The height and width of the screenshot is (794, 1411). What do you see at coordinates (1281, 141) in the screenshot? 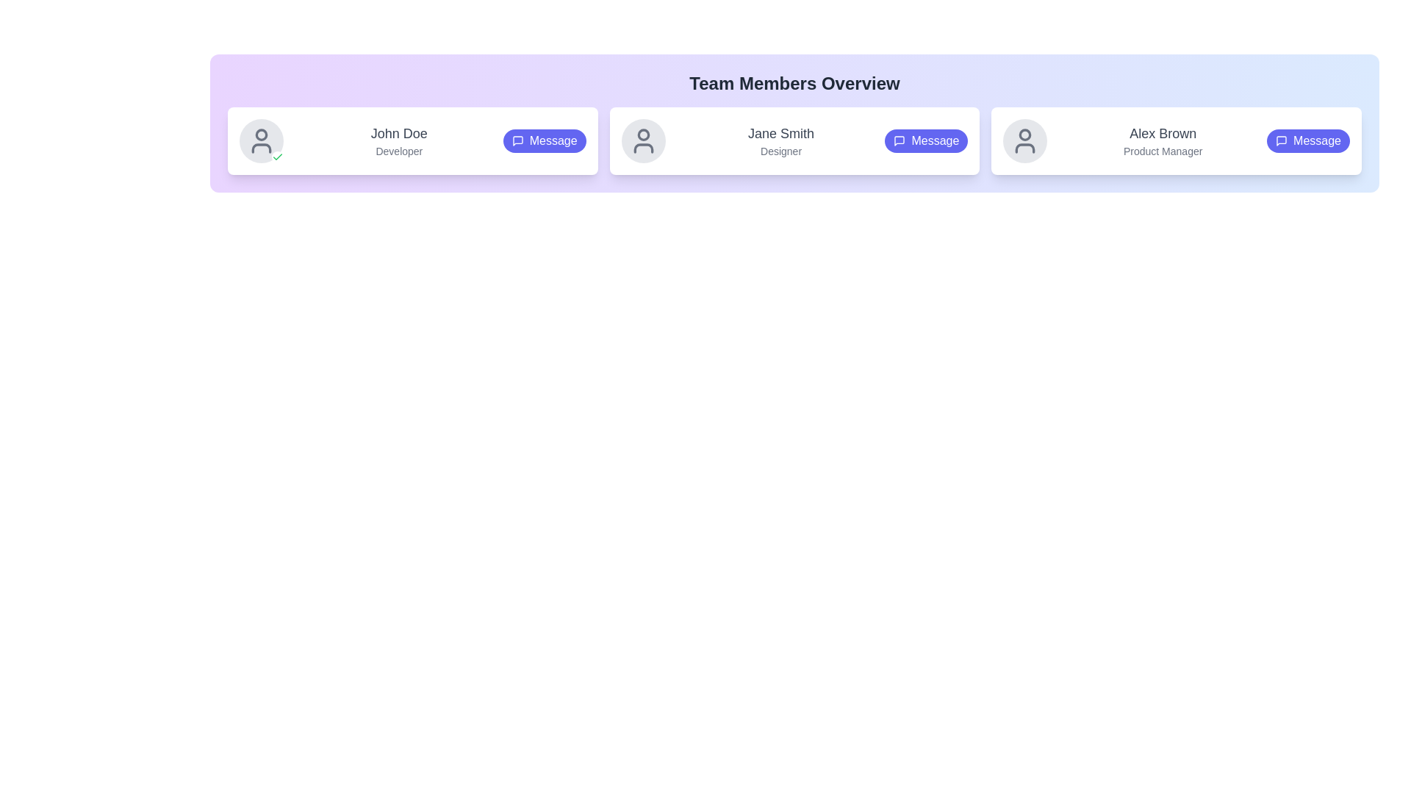
I see `the blue chat bubble icon at the beginning of the 'Message' button group for 'Alex Brown'` at bounding box center [1281, 141].